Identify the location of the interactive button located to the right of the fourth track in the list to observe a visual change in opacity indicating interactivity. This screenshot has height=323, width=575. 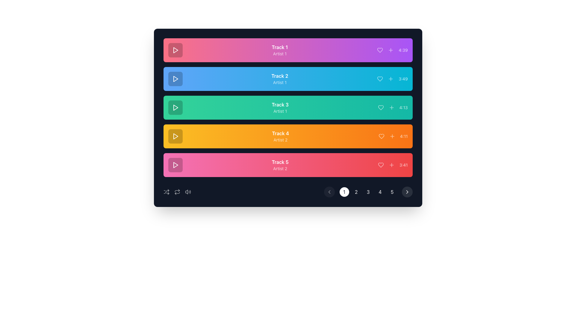
(392, 136).